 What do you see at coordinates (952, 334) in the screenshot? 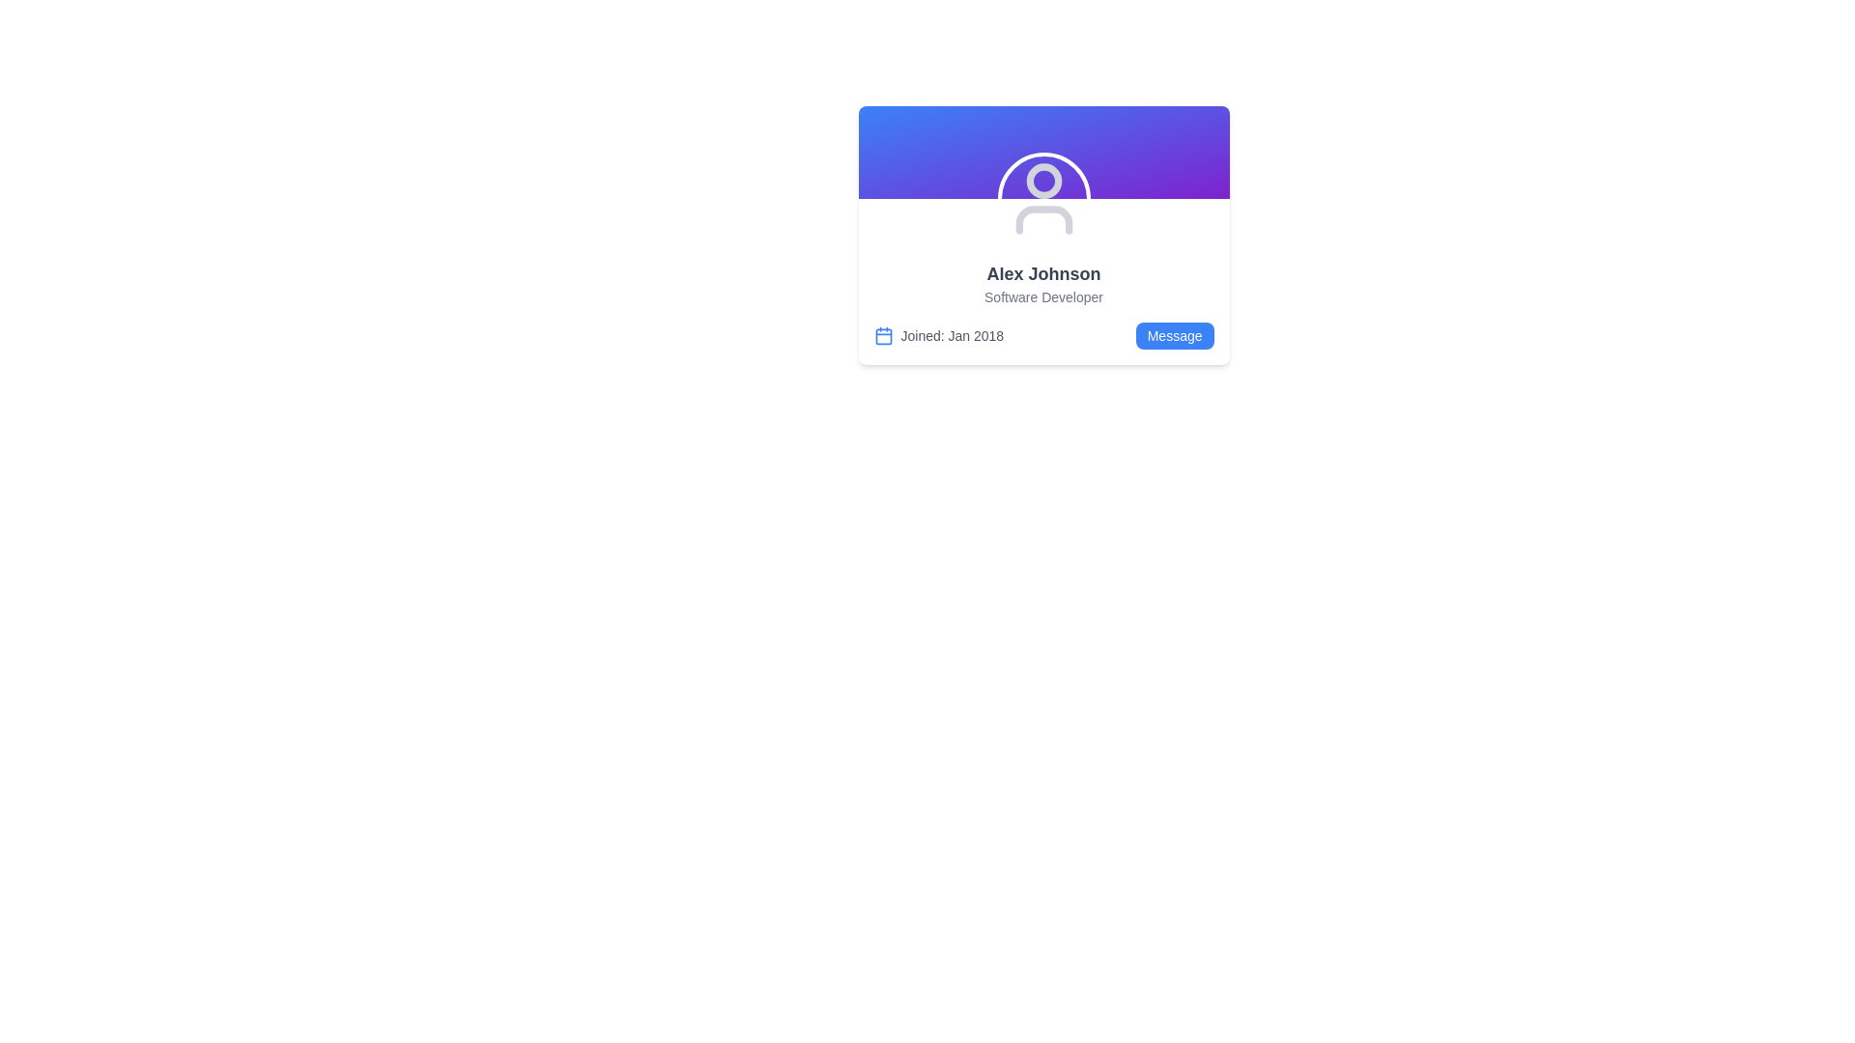
I see `the text label that displays the user's join date, positioned to the right of the calendar icon and below the username and role information` at bounding box center [952, 334].